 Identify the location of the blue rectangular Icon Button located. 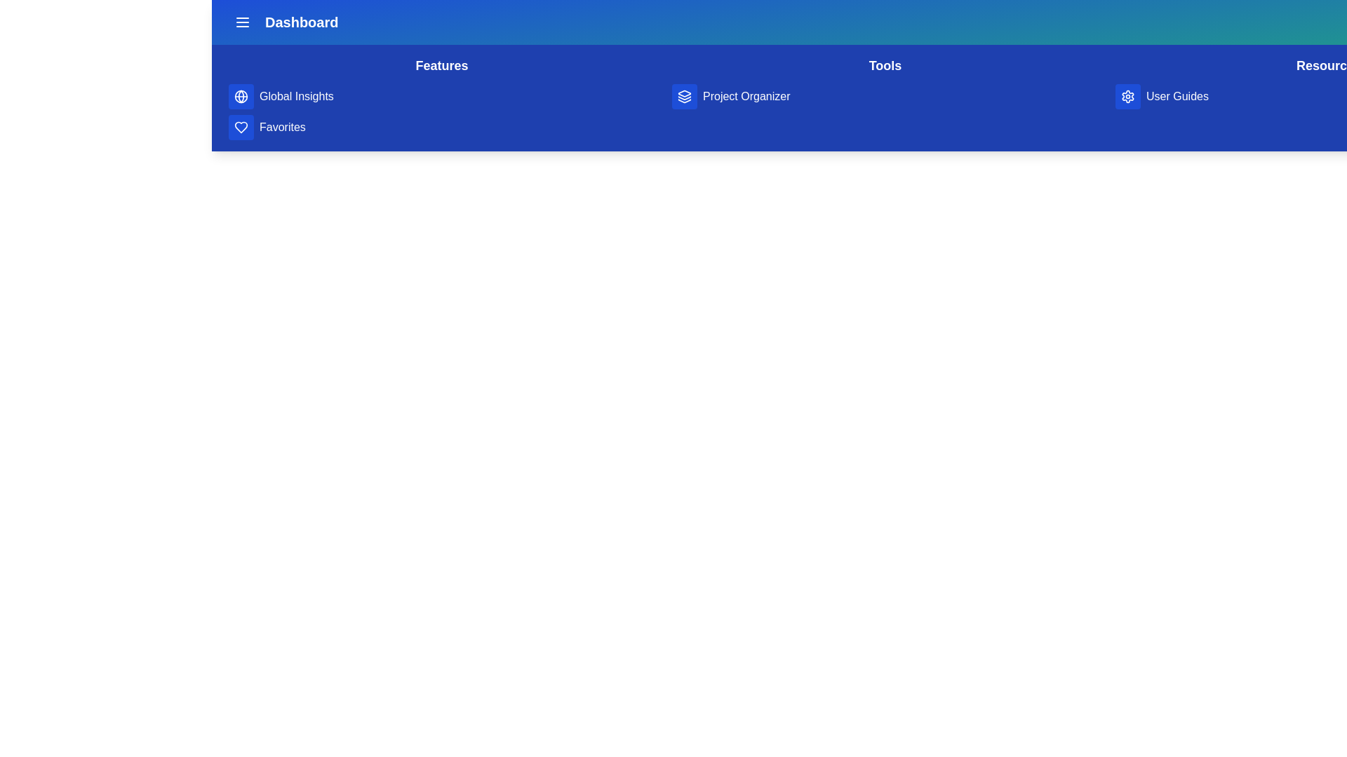
(1128, 96).